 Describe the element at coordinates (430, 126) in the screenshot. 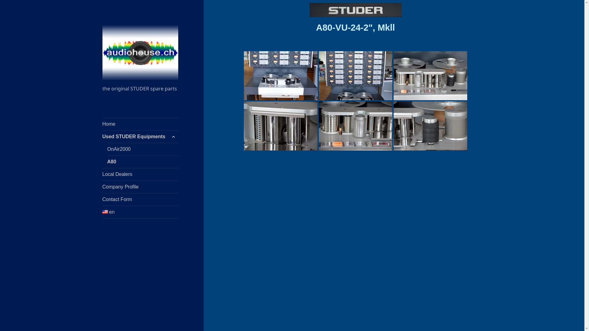

I see `'A80-VU-24-239-6-scaled'` at that location.